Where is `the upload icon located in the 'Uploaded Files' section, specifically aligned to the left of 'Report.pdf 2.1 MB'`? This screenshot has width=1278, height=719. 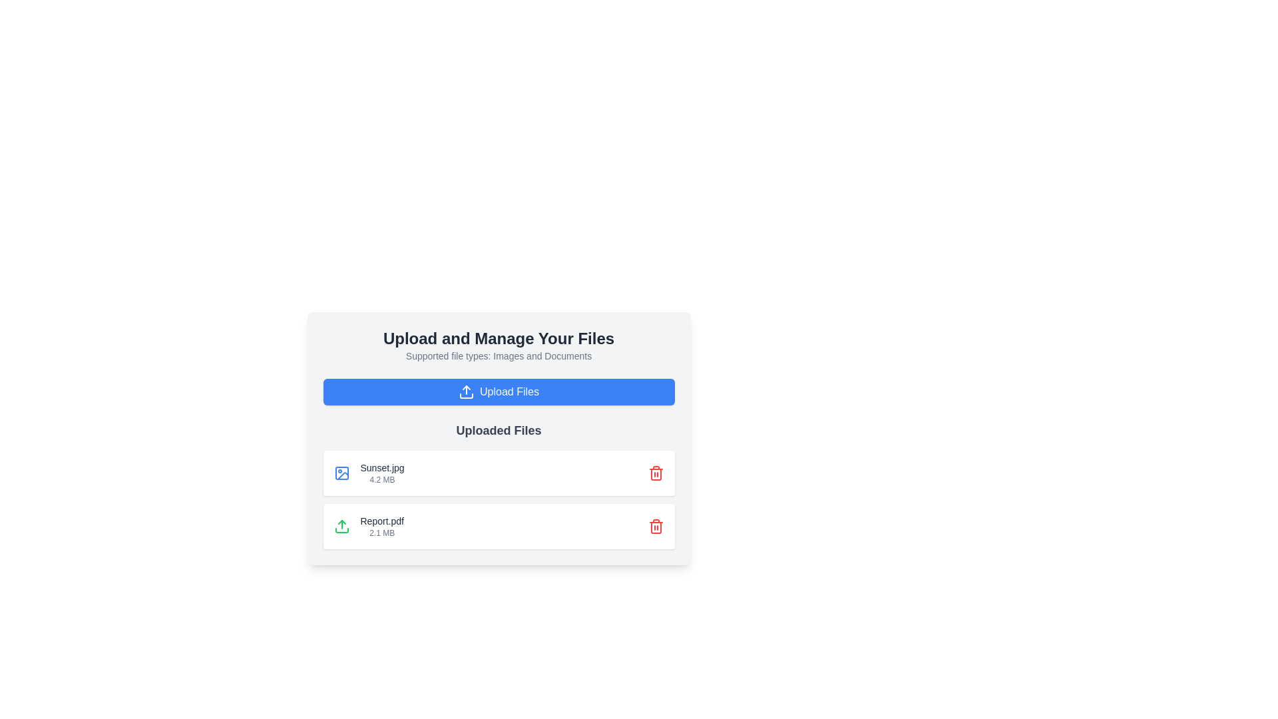
the upload icon located in the 'Uploaded Files' section, specifically aligned to the left of 'Report.pdf 2.1 MB' is located at coordinates (341, 525).